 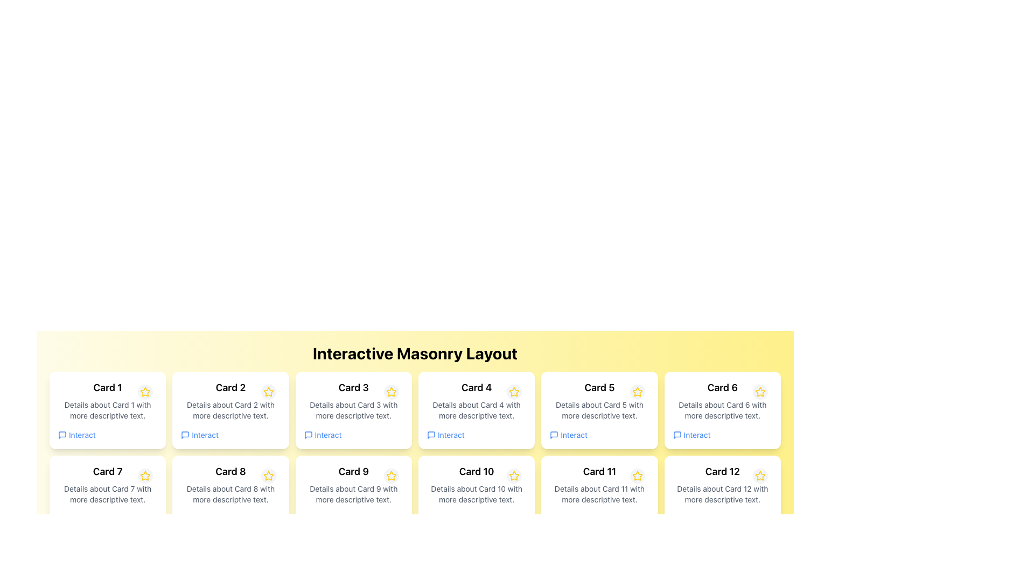 I want to click on the star icon located at the top-right corner of the Card UI Component labeled 'Card 3' to rate or bookmark the card, so click(x=353, y=410).